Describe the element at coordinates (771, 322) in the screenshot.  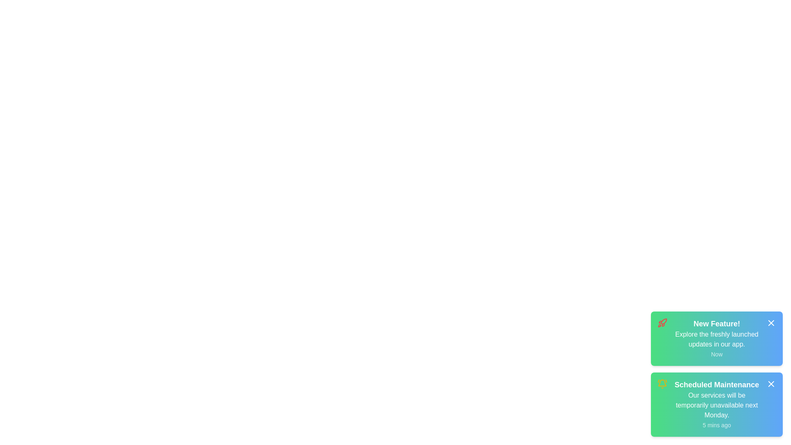
I see `close icon of the notification with title New Feature!` at that location.